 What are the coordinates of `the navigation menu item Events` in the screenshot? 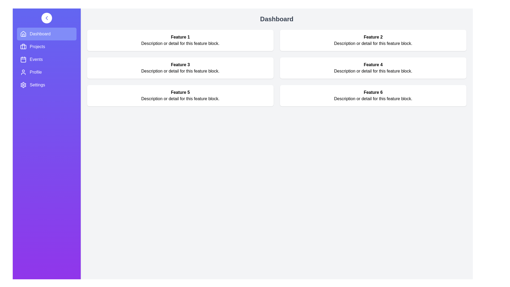 It's located at (47, 59).